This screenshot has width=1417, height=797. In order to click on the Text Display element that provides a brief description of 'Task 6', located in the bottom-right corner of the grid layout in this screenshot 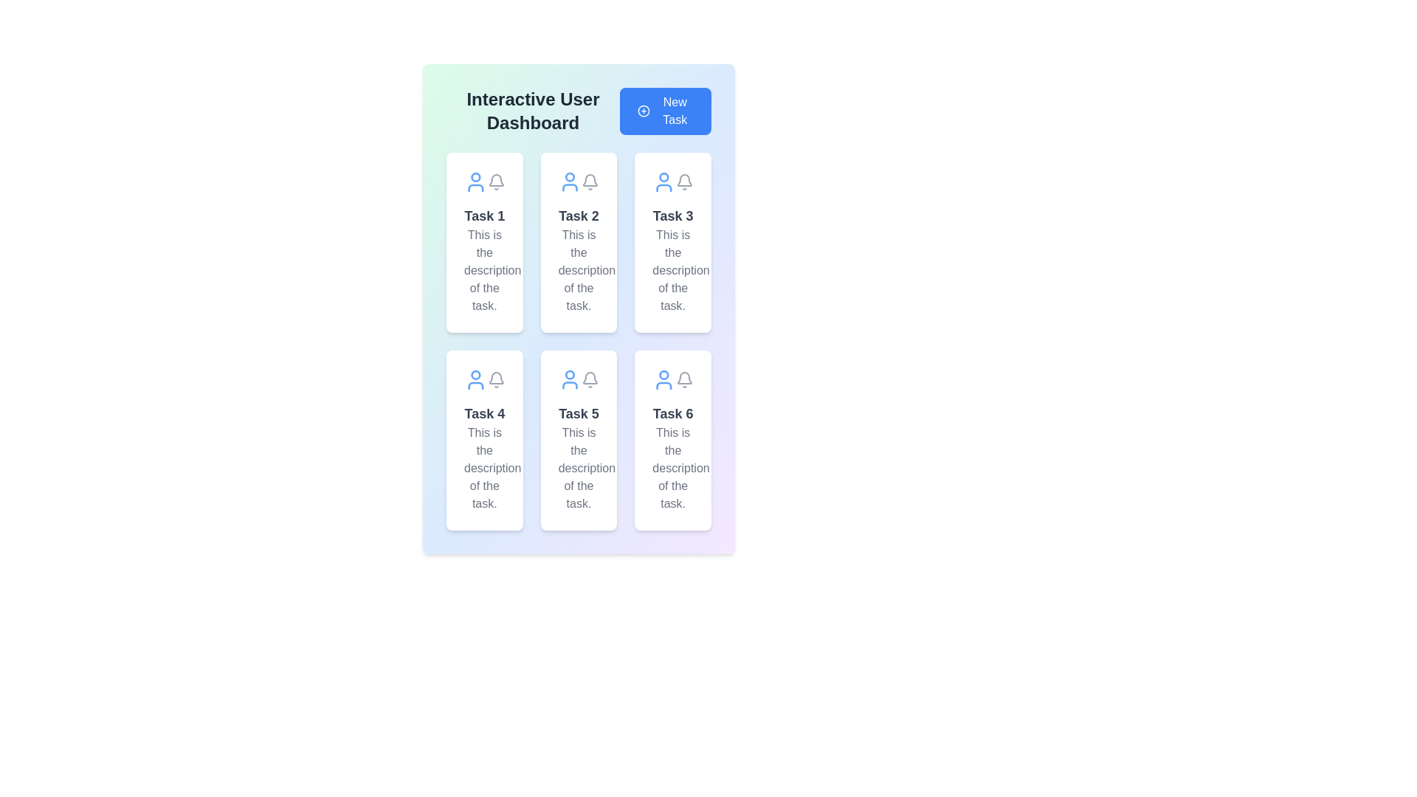, I will do `click(672, 469)`.